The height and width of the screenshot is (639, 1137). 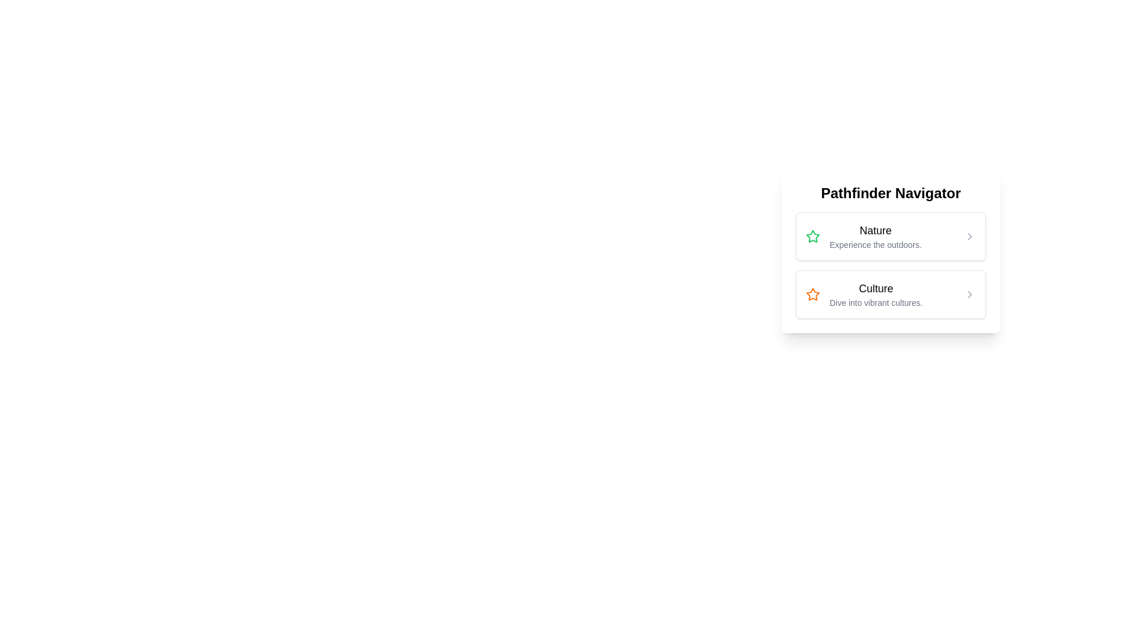 What do you see at coordinates (864, 293) in the screenshot?
I see `the List item labeled 'Culture' which contains an orange star icon and the text 'Dive into vibrant cultures.'` at bounding box center [864, 293].